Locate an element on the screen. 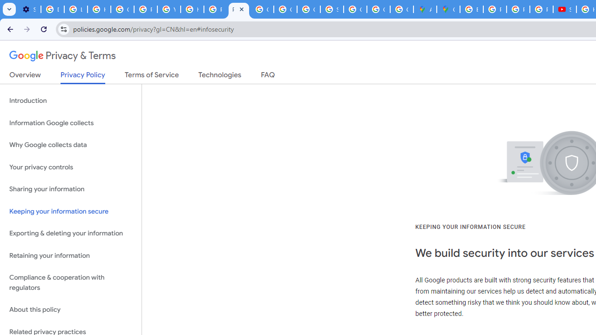  'Google Maps' is located at coordinates (448, 9).